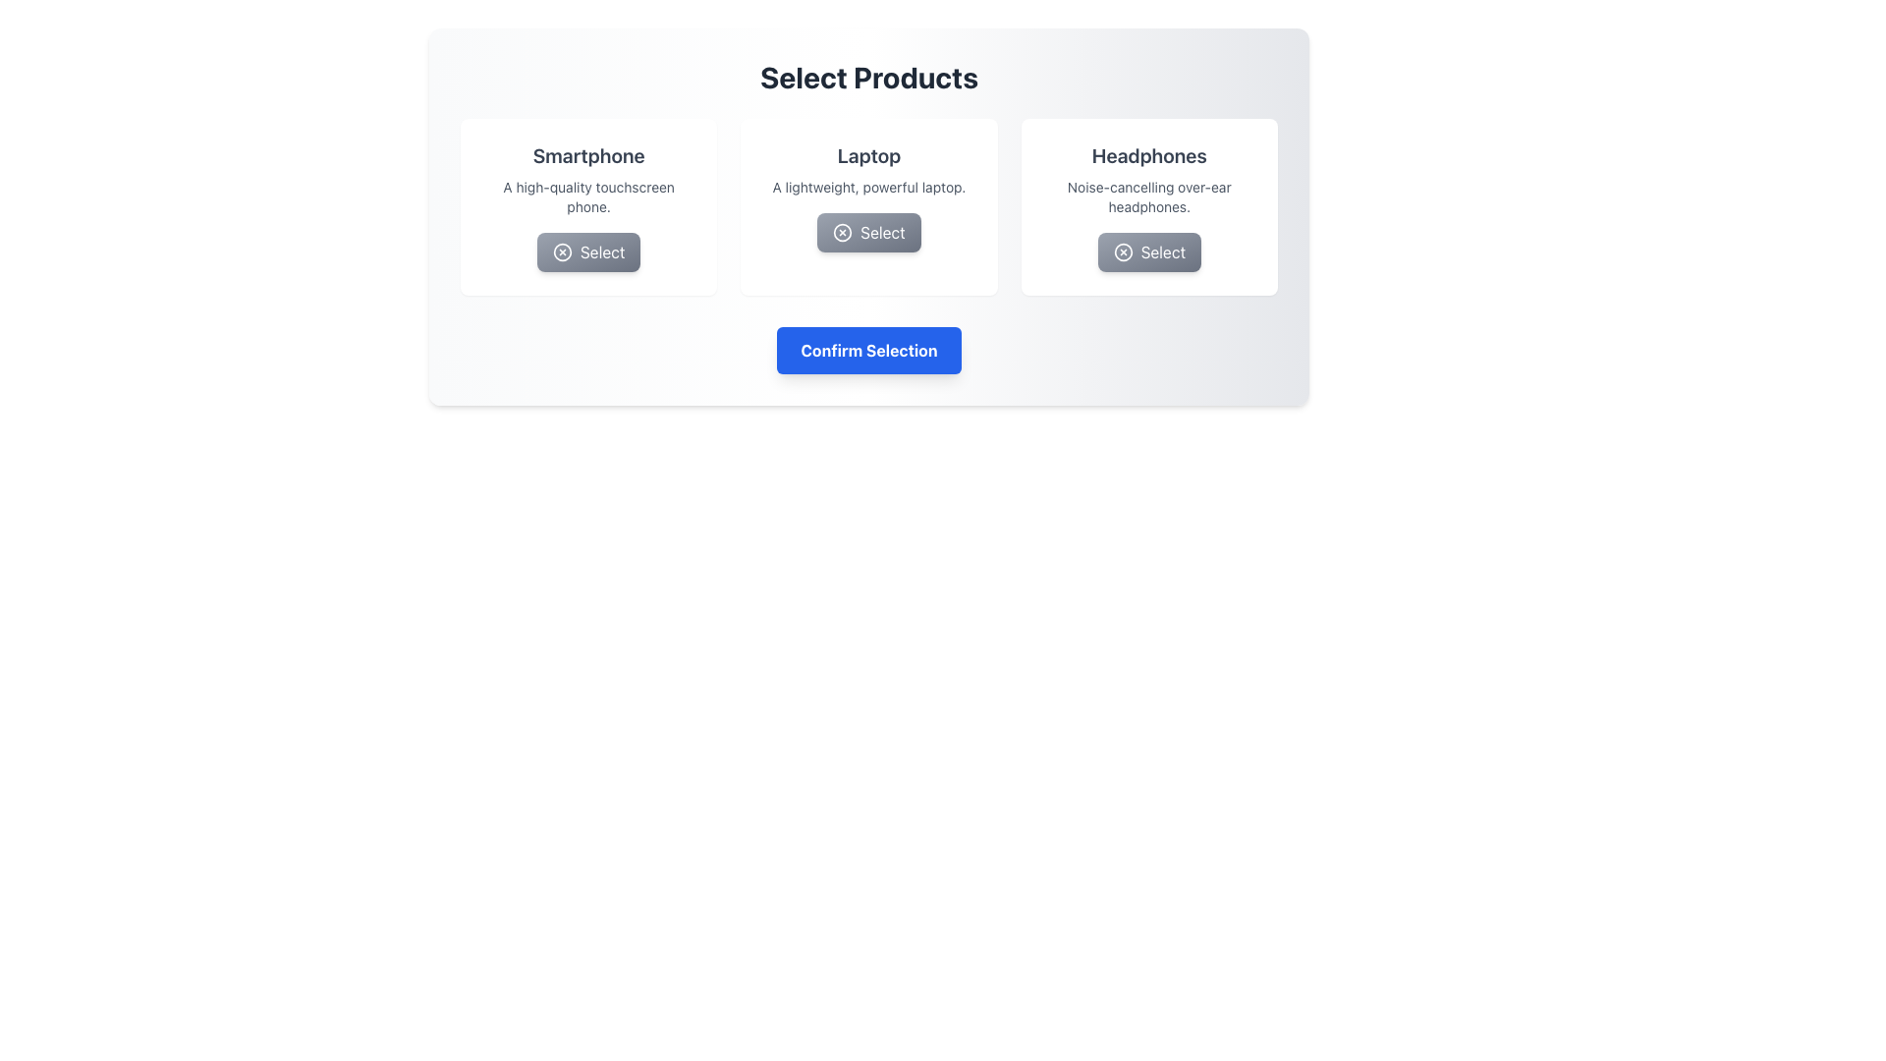 The image size is (1886, 1061). I want to click on properties of the SVG circle icon representing a close or deselect action located in the middle button under the 'Laptop' selection box, so click(843, 231).